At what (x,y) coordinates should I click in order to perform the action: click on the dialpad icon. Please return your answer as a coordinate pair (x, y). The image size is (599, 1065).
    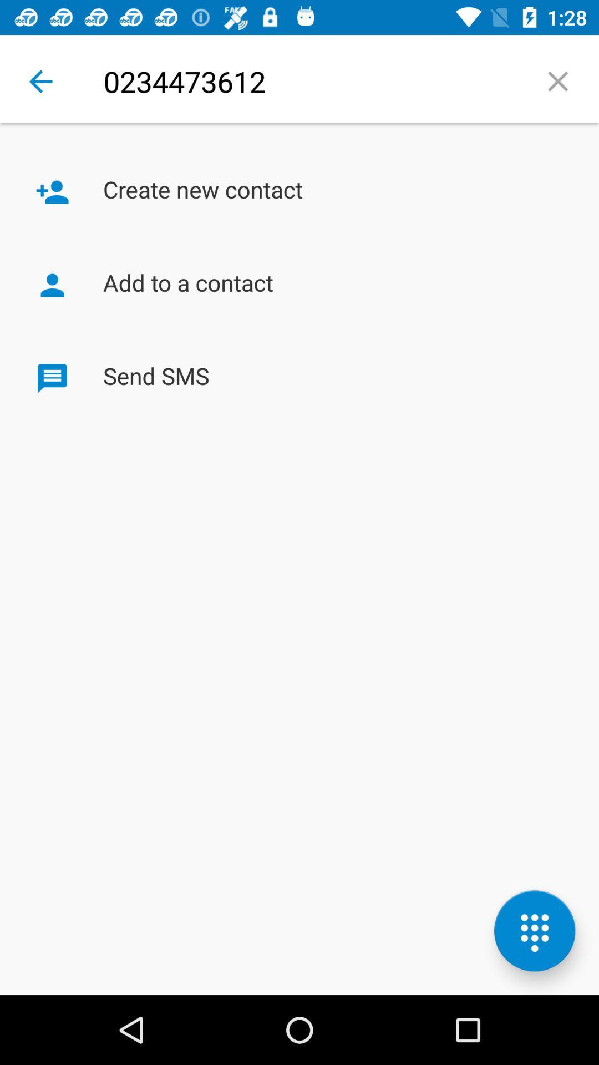
    Looking at the image, I should click on (534, 931).